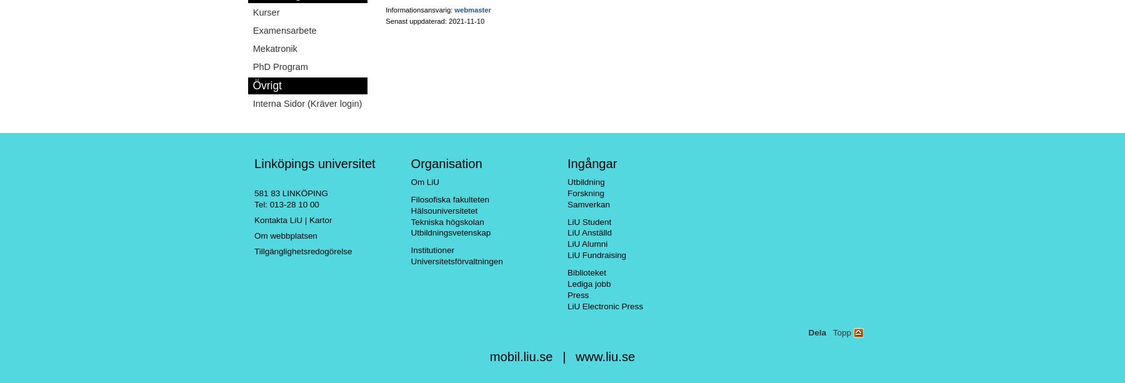 This screenshot has height=383, width=1125. What do you see at coordinates (419, 9) in the screenshot?
I see `'Informationsansvarig:'` at bounding box center [419, 9].